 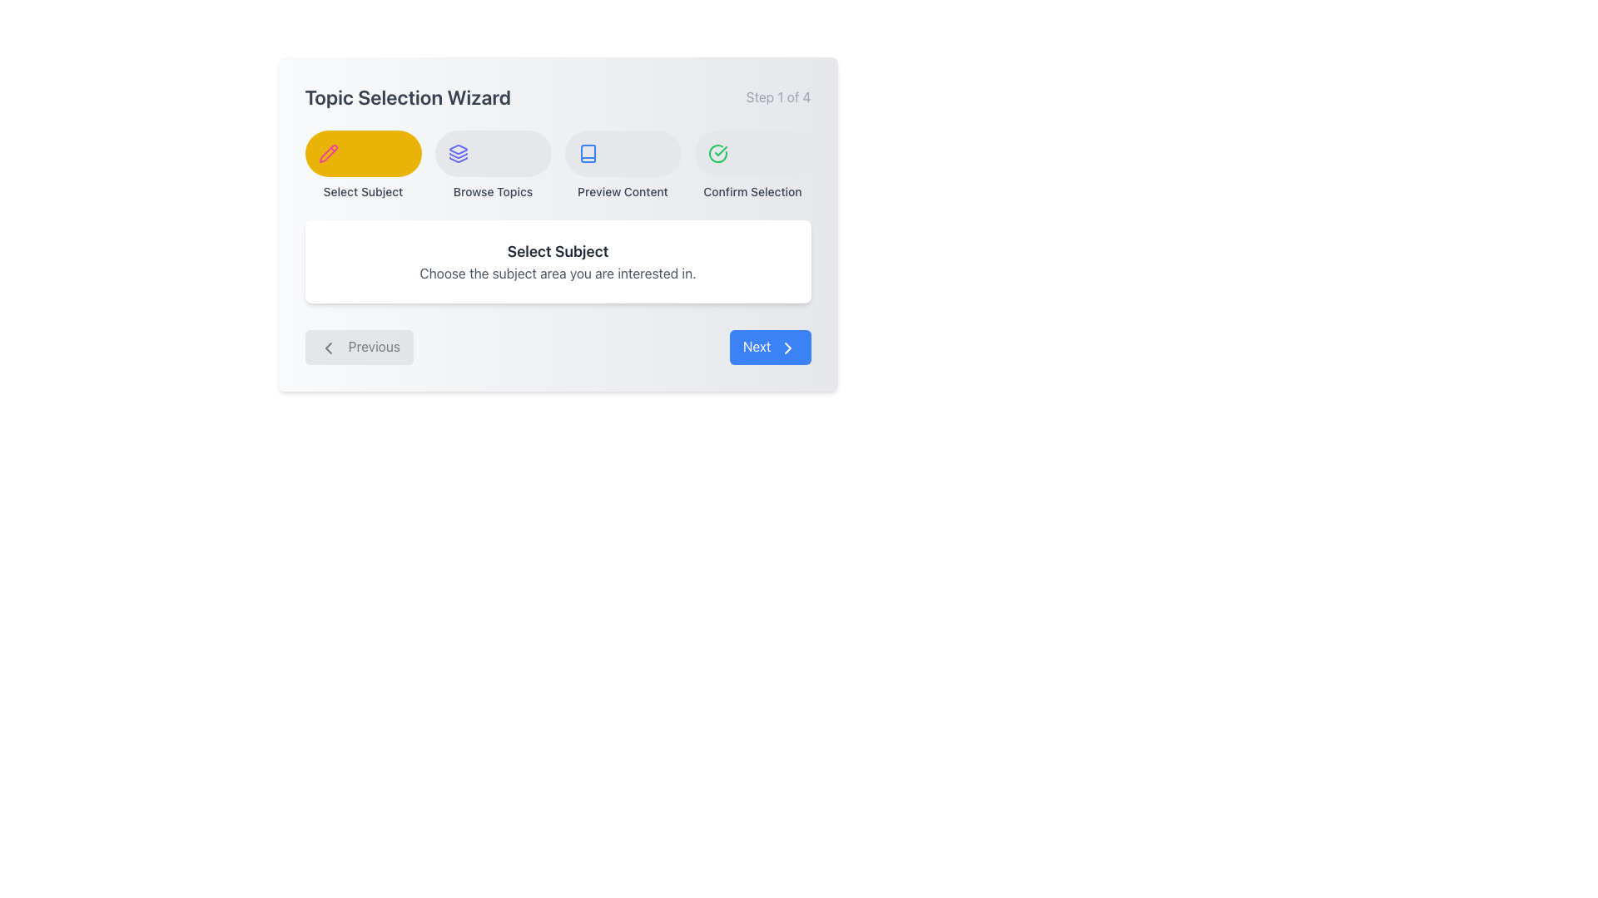 What do you see at coordinates (328, 347) in the screenshot?
I see `the backward navigation icon embedded within the 'Previous' button located at the bottom-left of the main interface` at bounding box center [328, 347].